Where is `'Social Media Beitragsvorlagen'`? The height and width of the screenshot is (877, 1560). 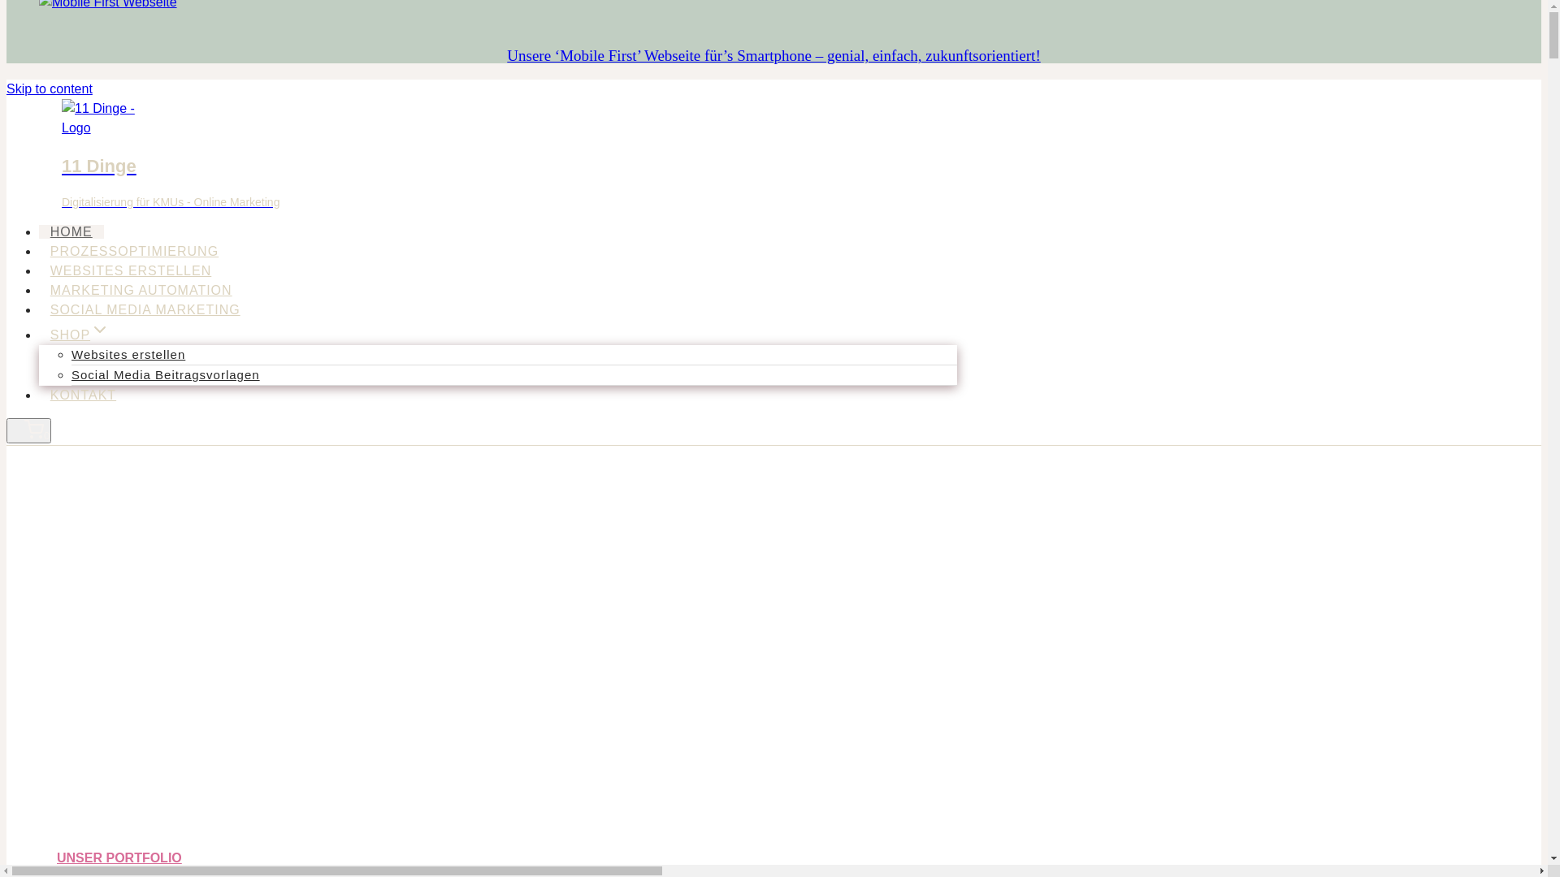
'Social Media Beitragsvorlagen' is located at coordinates (165, 374).